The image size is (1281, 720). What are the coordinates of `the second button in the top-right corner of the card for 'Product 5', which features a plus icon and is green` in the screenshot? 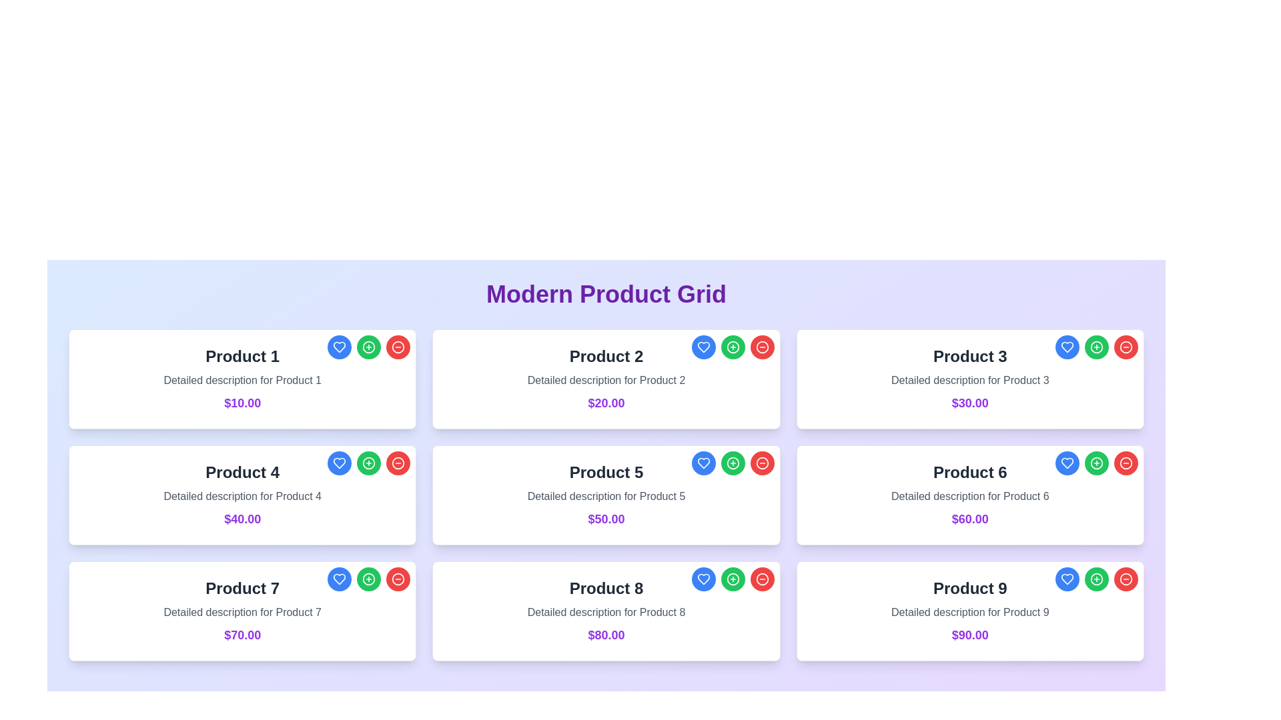 It's located at (732, 462).